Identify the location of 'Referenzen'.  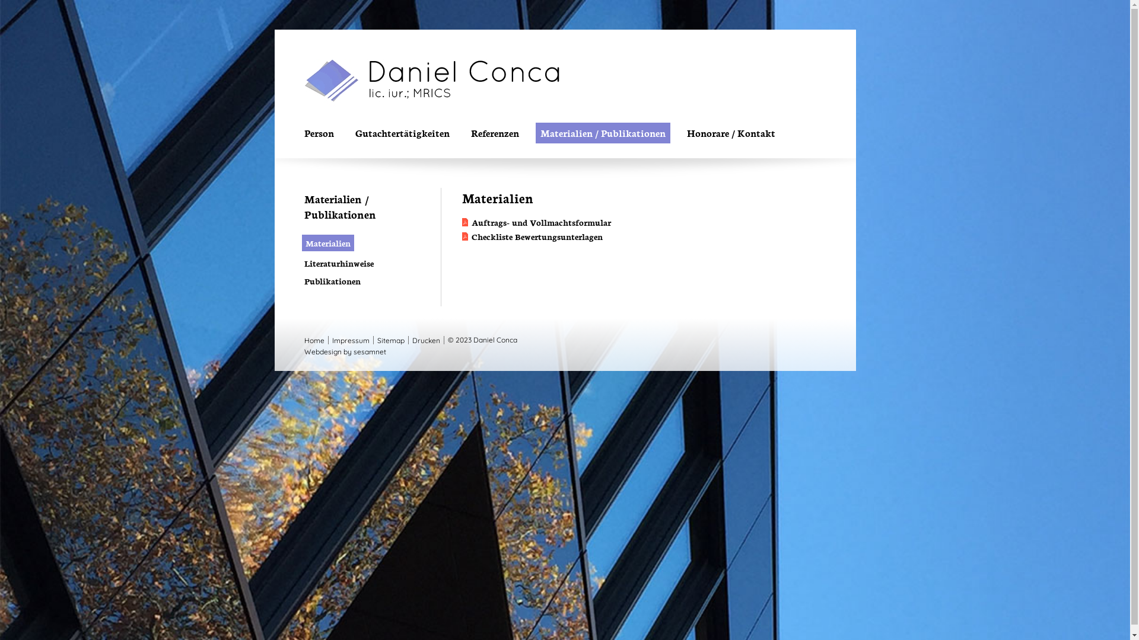
(495, 133).